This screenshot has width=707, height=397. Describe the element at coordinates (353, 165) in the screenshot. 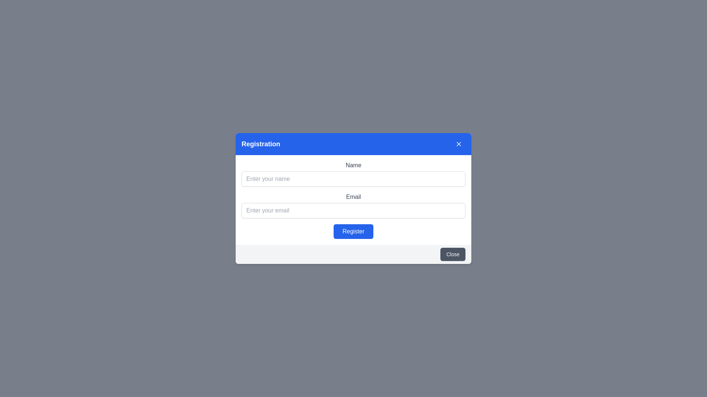

I see `the label that describes the input field for entering the user's name, positioned directly above the 'Enter your name' input field` at that location.